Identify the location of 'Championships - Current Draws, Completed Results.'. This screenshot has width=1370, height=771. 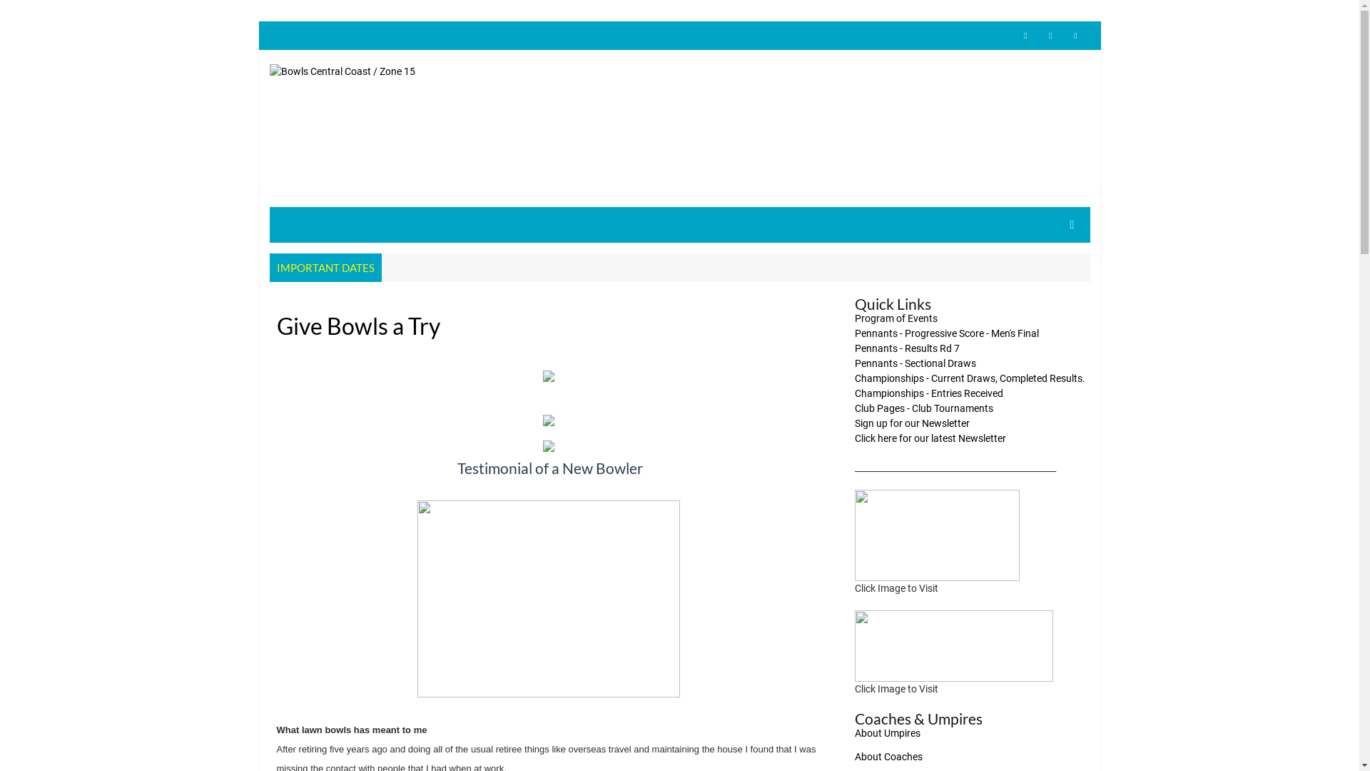
(970, 377).